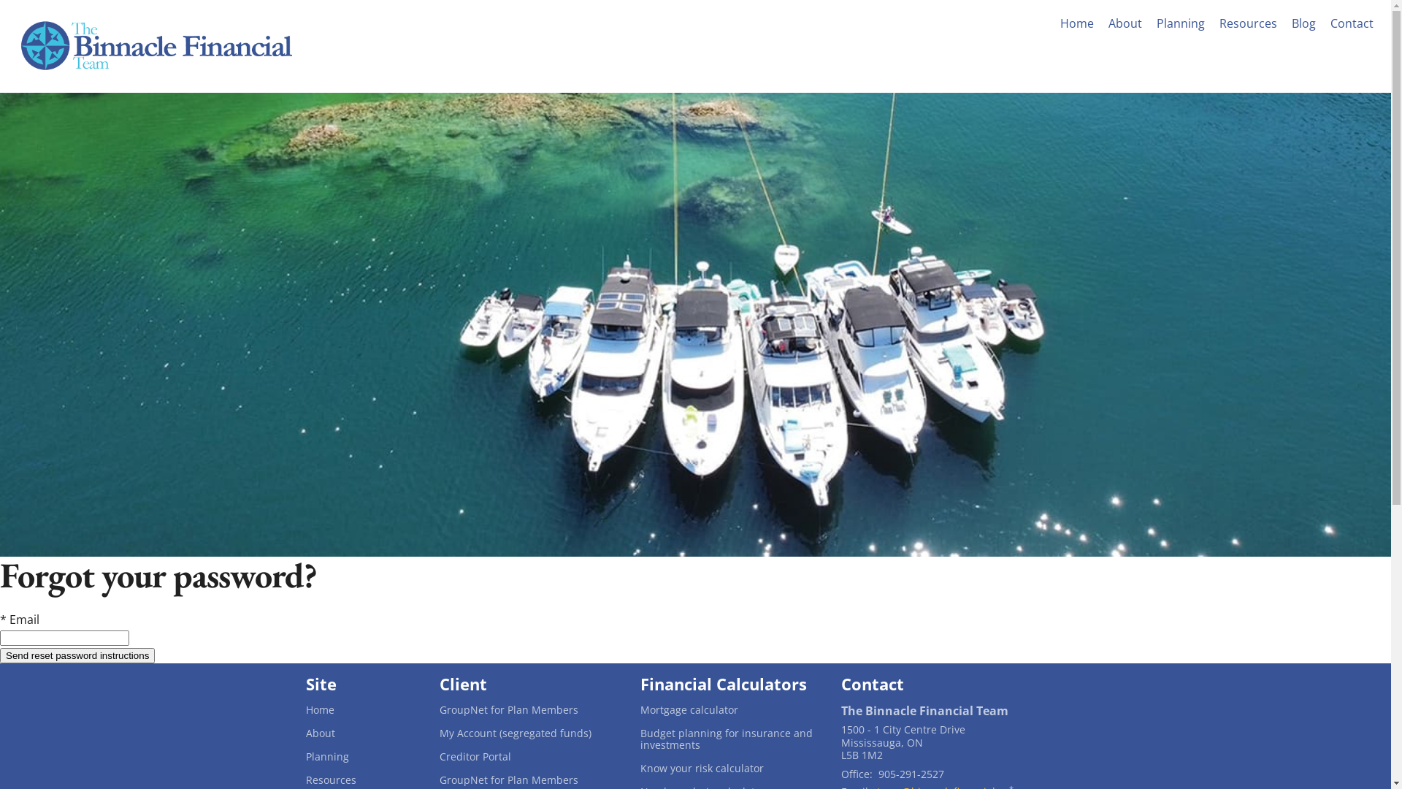 Image resolution: width=1402 pixels, height=789 pixels. What do you see at coordinates (438, 756) in the screenshot?
I see `'Creditor Portal` at bounding box center [438, 756].